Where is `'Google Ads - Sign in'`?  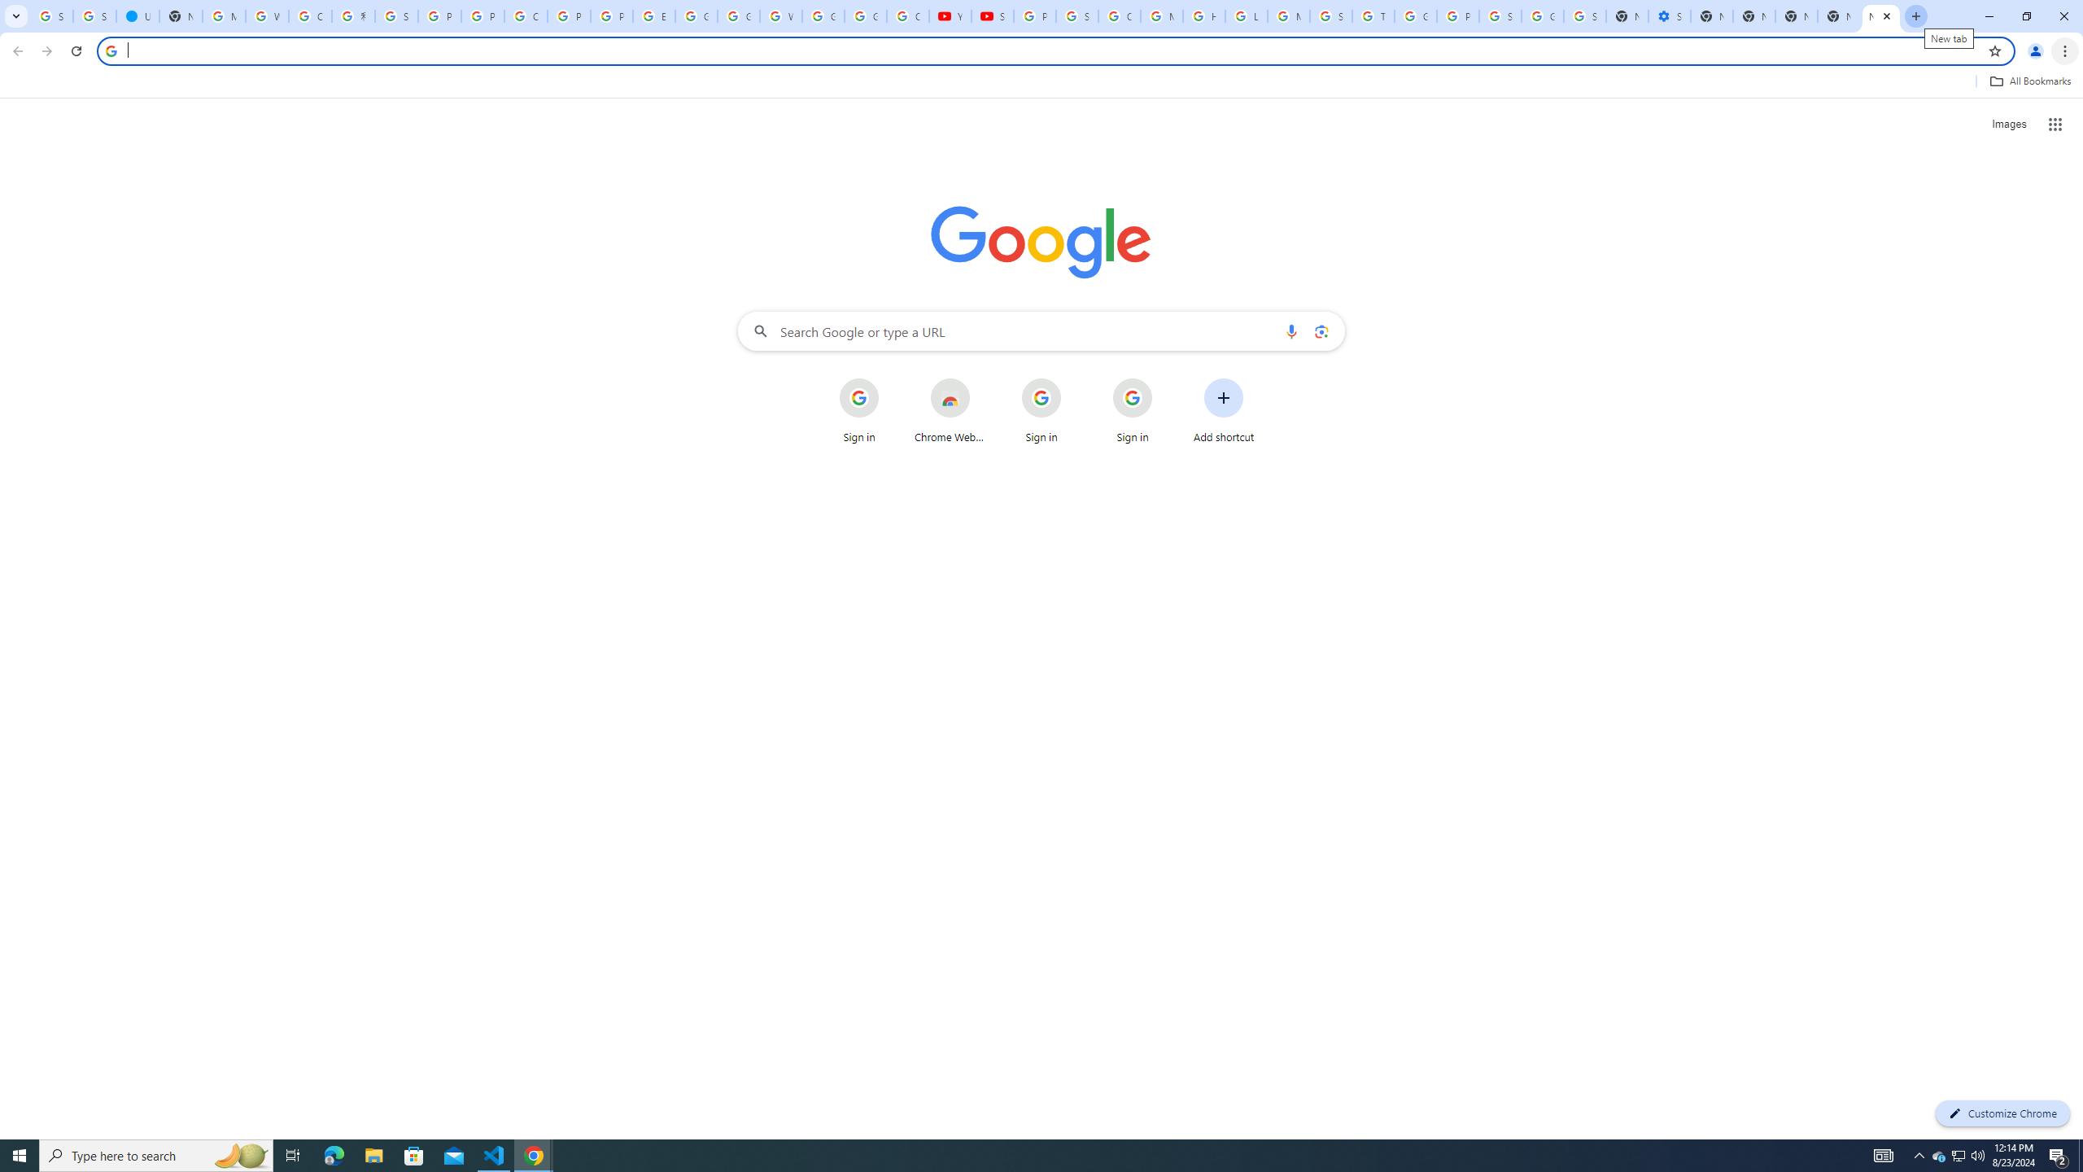
'Google Ads - Sign in' is located at coordinates (1414, 15).